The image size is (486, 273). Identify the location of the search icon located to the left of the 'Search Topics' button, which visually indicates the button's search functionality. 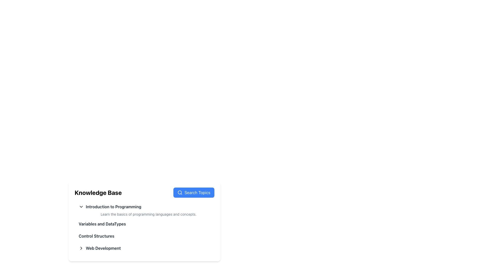
(180, 193).